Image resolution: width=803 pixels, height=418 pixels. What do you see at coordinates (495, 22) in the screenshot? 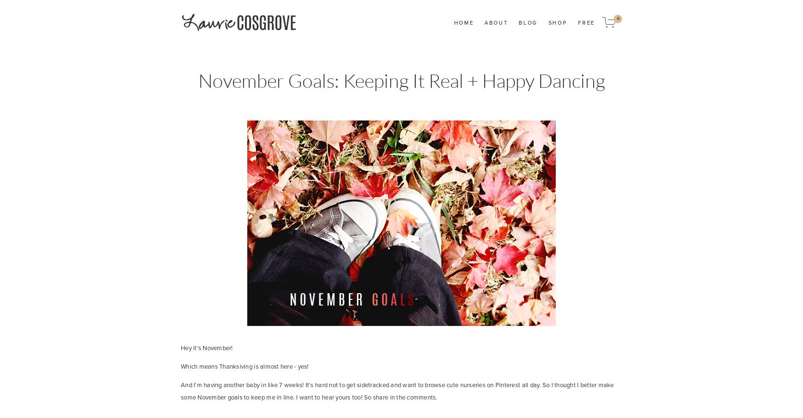
I see `'About'` at bounding box center [495, 22].